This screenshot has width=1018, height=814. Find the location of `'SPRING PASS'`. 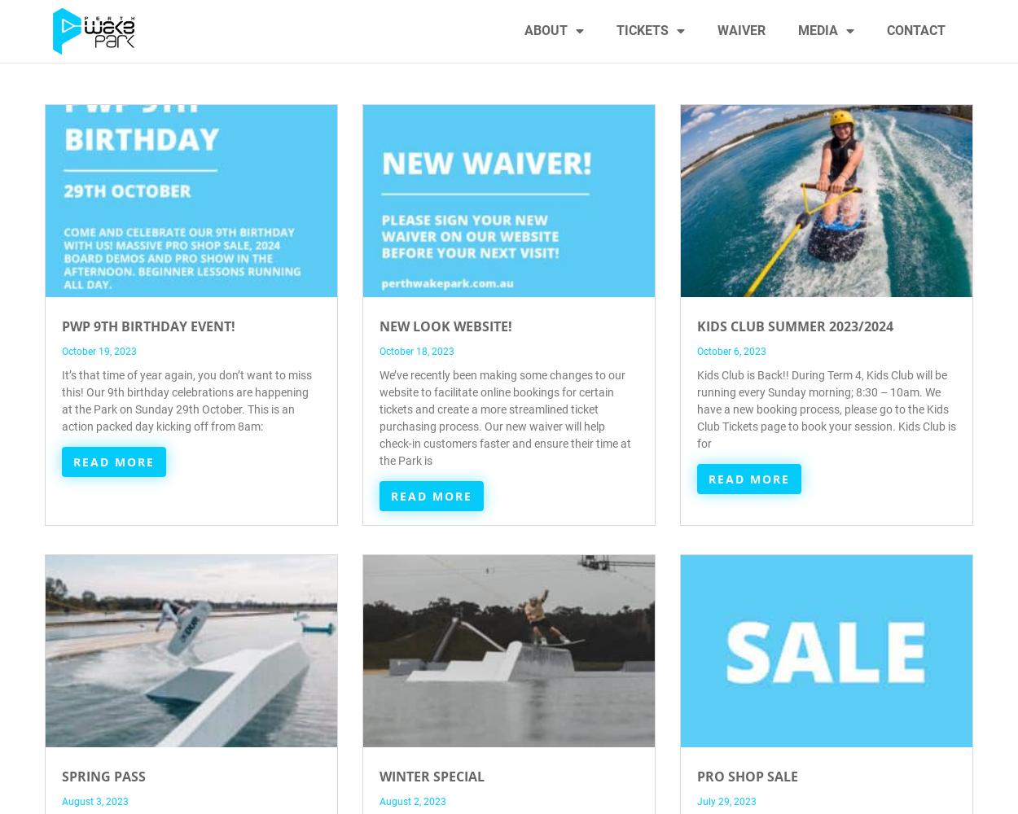

'SPRING PASS' is located at coordinates (103, 775).